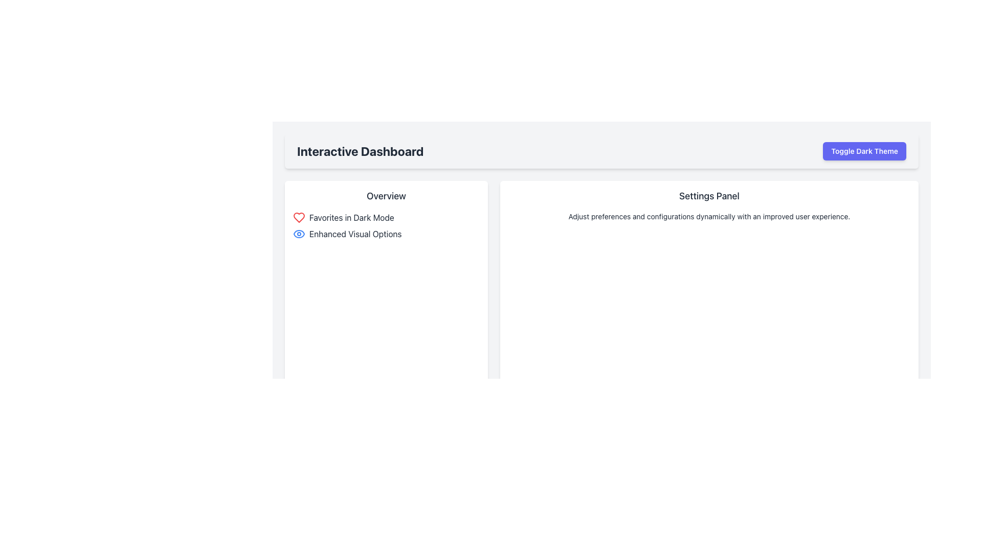 Image resolution: width=982 pixels, height=552 pixels. What do you see at coordinates (299, 217) in the screenshot?
I see `the 'Favorites in Dark Mode' icon located to the left of the corresponding text in the Overview section` at bounding box center [299, 217].